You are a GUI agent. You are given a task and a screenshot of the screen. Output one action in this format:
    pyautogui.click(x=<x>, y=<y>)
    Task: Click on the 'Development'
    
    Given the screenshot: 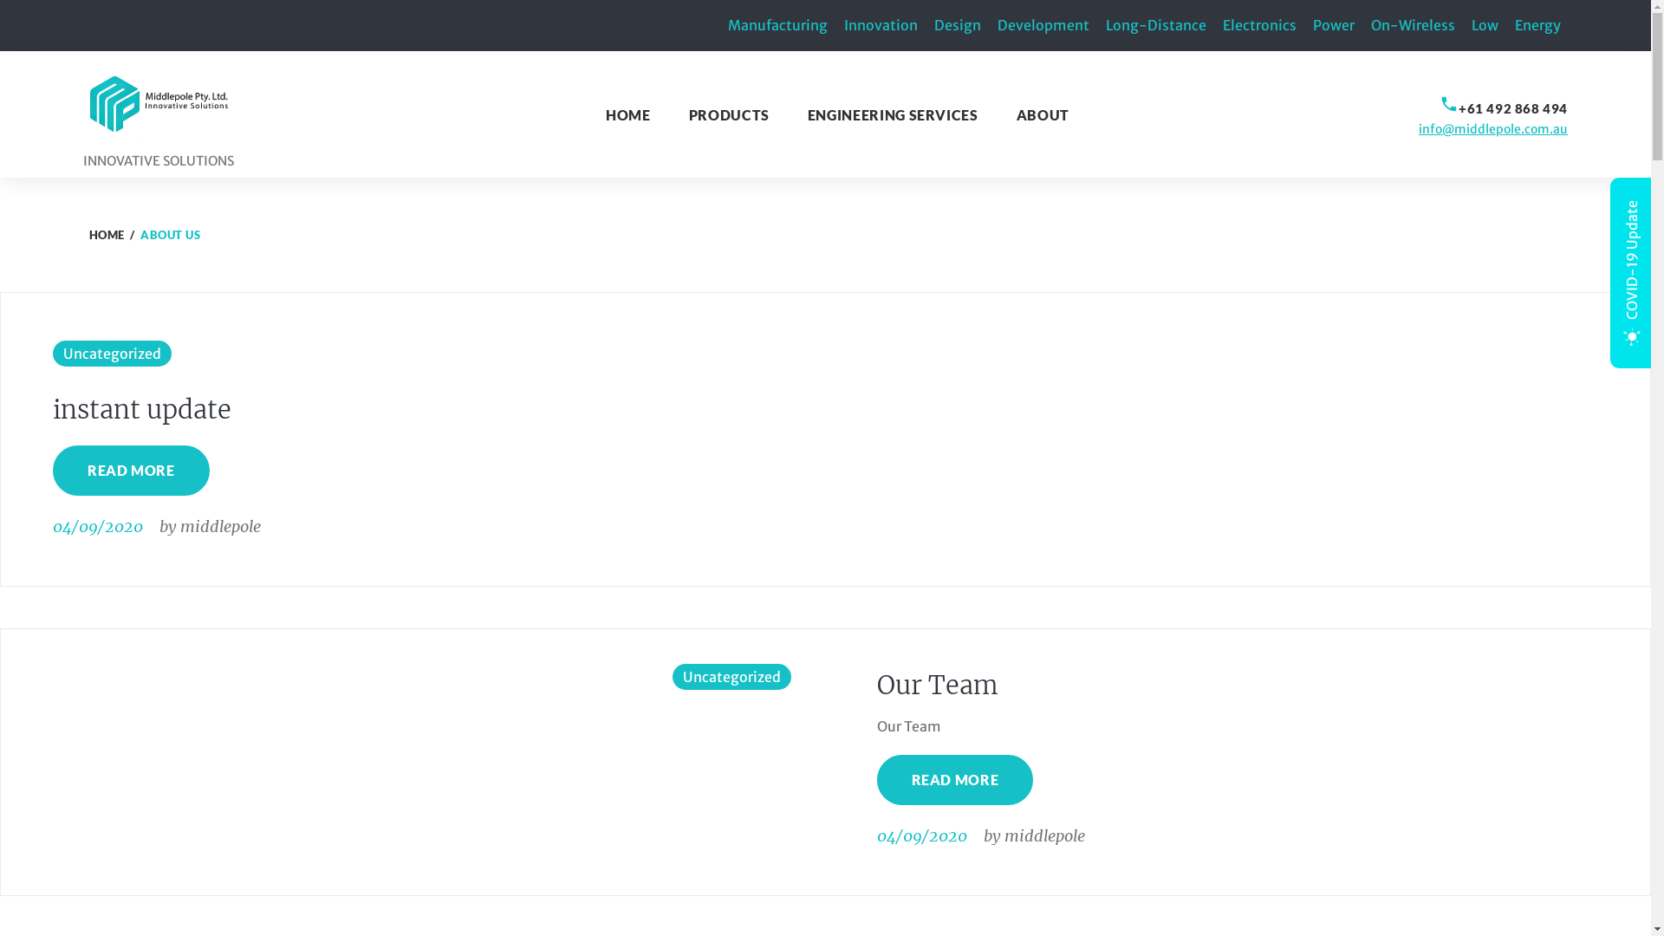 What is the action you would take?
    pyautogui.click(x=1043, y=25)
    